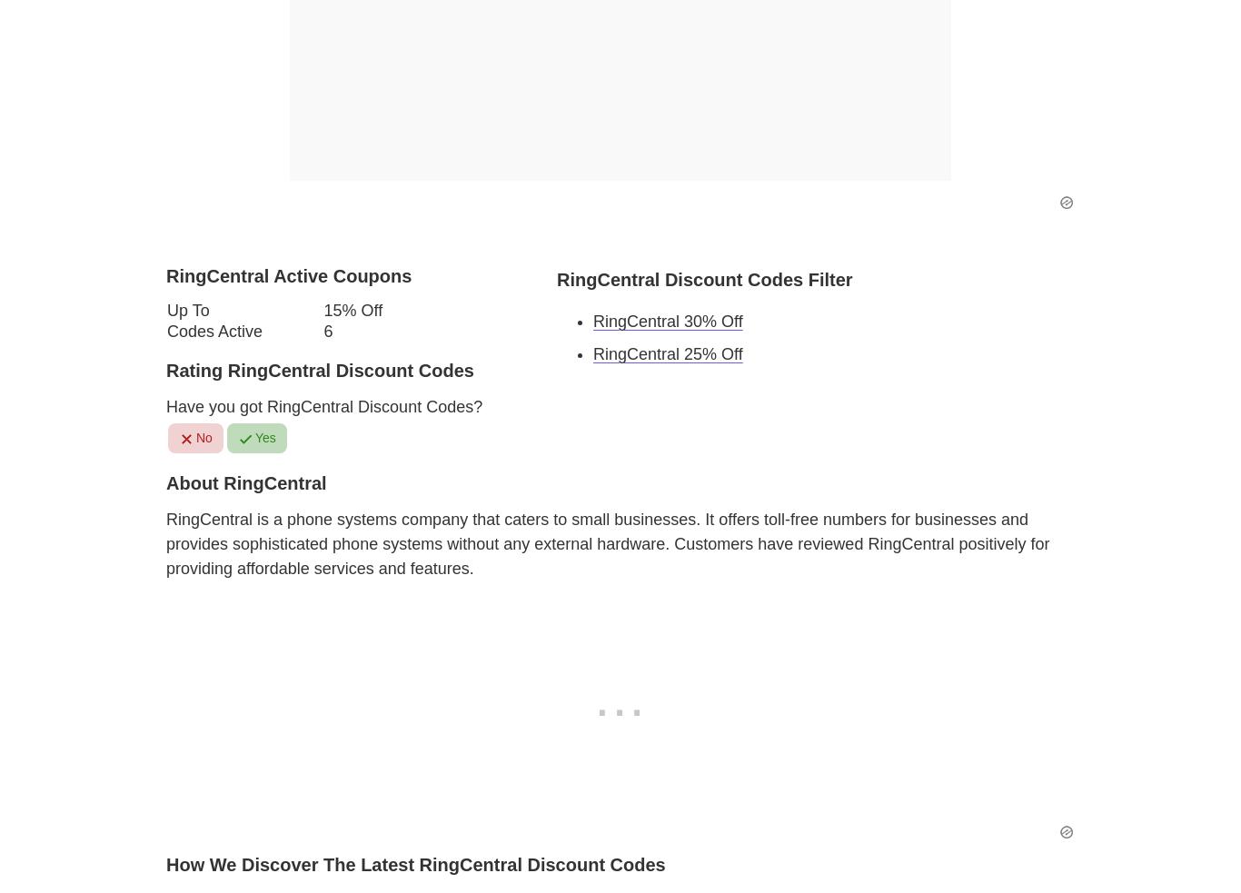  What do you see at coordinates (289, 276) in the screenshot?
I see `'RingCentral Active Coupons'` at bounding box center [289, 276].